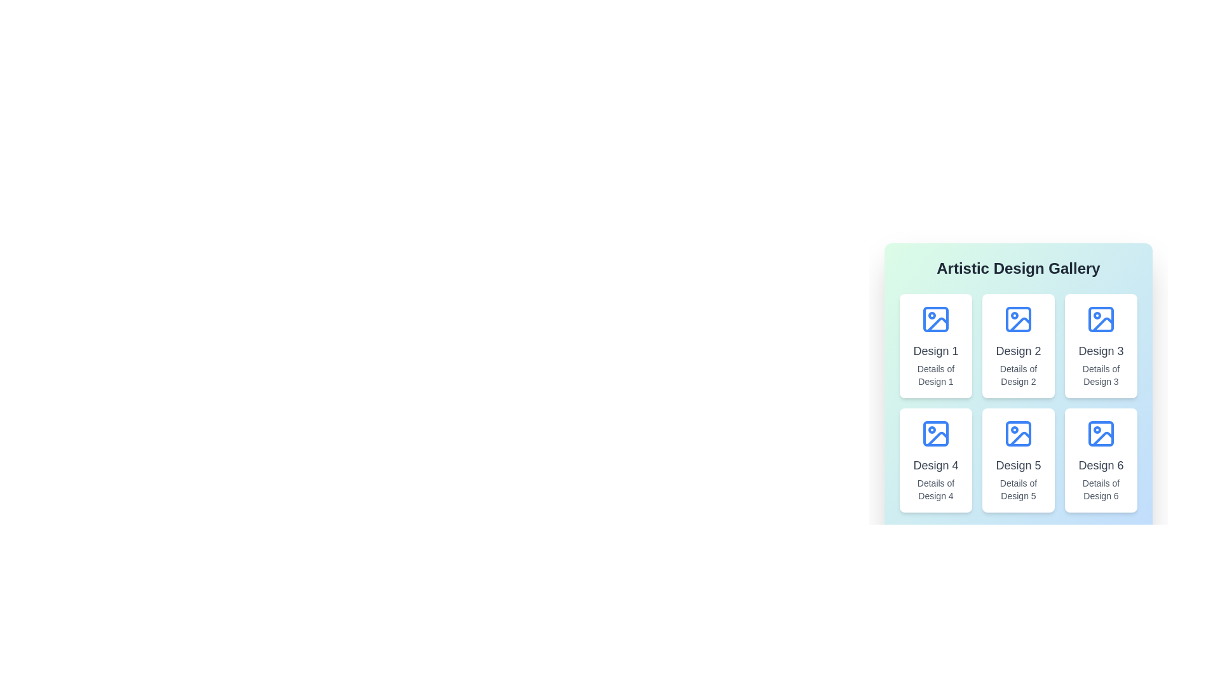  Describe the element at coordinates (936, 433) in the screenshot. I see `the top-left rectangle SVG element of the image placeholder icon located in the fourth tile of a 2x3 grid layout, near the 'Design 4' label` at that location.